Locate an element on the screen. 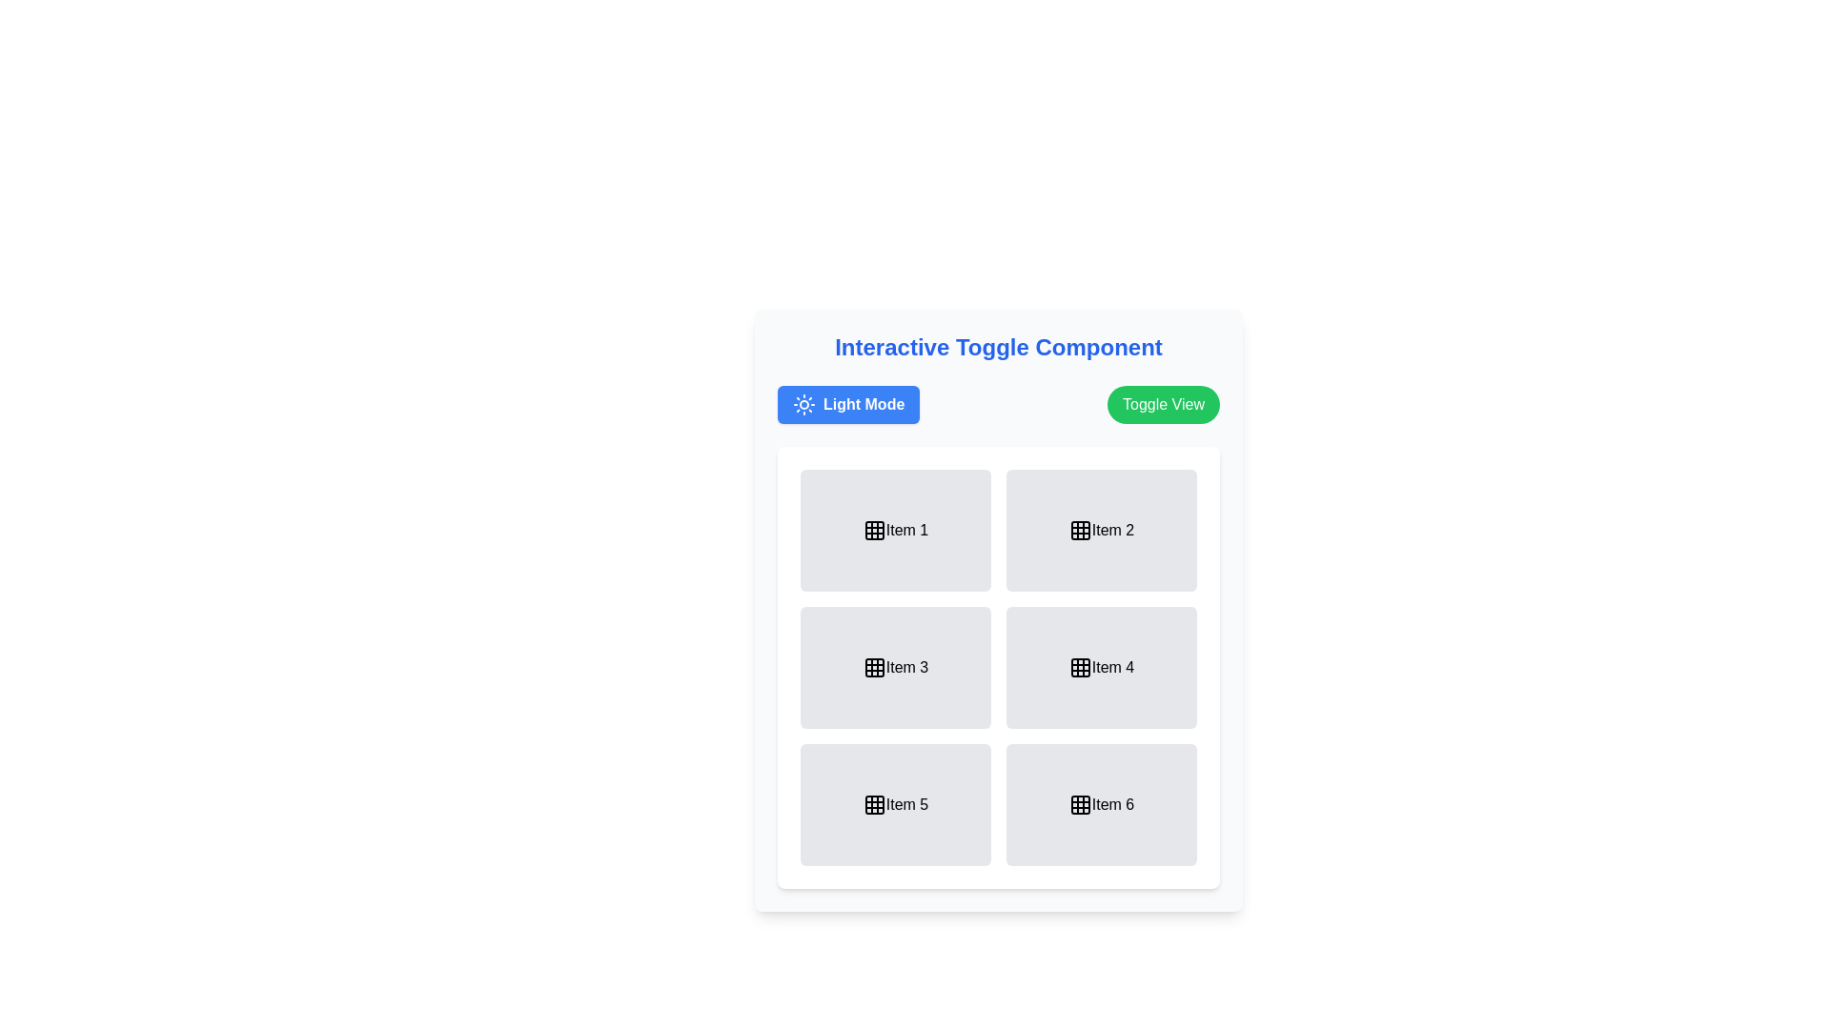 The height and width of the screenshot is (1029, 1830). the visual component located in the bottom-right corner of the 3x3 grid icon within the component labeled 'Item 6' is located at coordinates (1080, 804).